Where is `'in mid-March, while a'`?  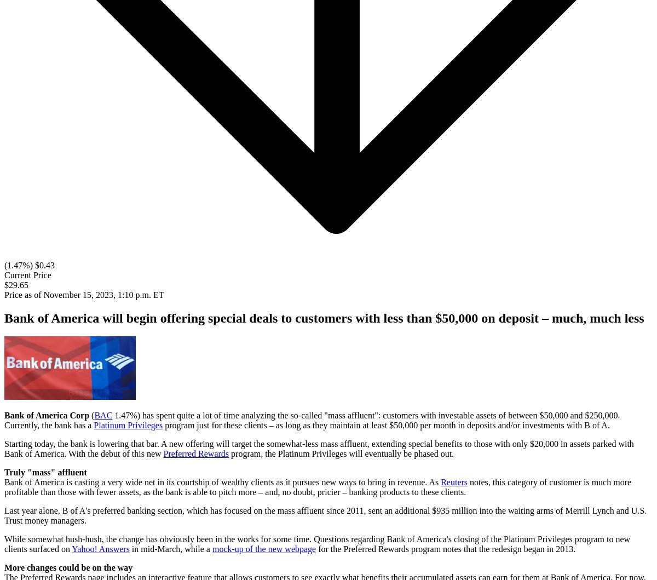 'in mid-March, while a' is located at coordinates (170, 548).